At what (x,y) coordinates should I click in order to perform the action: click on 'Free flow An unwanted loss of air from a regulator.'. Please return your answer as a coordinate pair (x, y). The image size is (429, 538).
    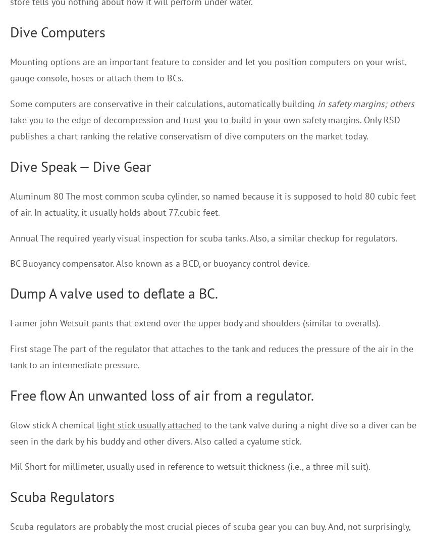
    Looking at the image, I should click on (162, 395).